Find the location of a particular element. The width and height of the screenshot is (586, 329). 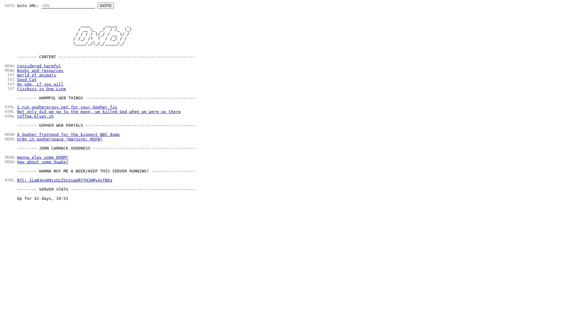

GOTO is located at coordinates (105, 5).